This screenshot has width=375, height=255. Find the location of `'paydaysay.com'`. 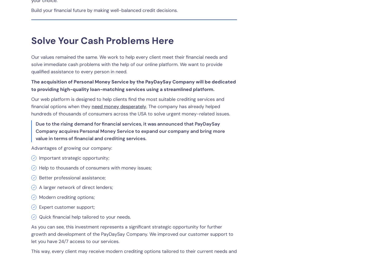

'paydaysay.com' is located at coordinates (172, 193).